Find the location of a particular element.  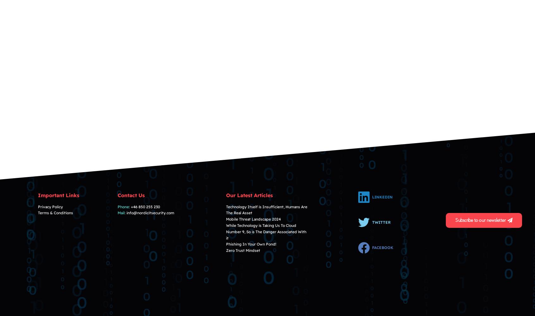

'Contact Us' is located at coordinates (118, 195).